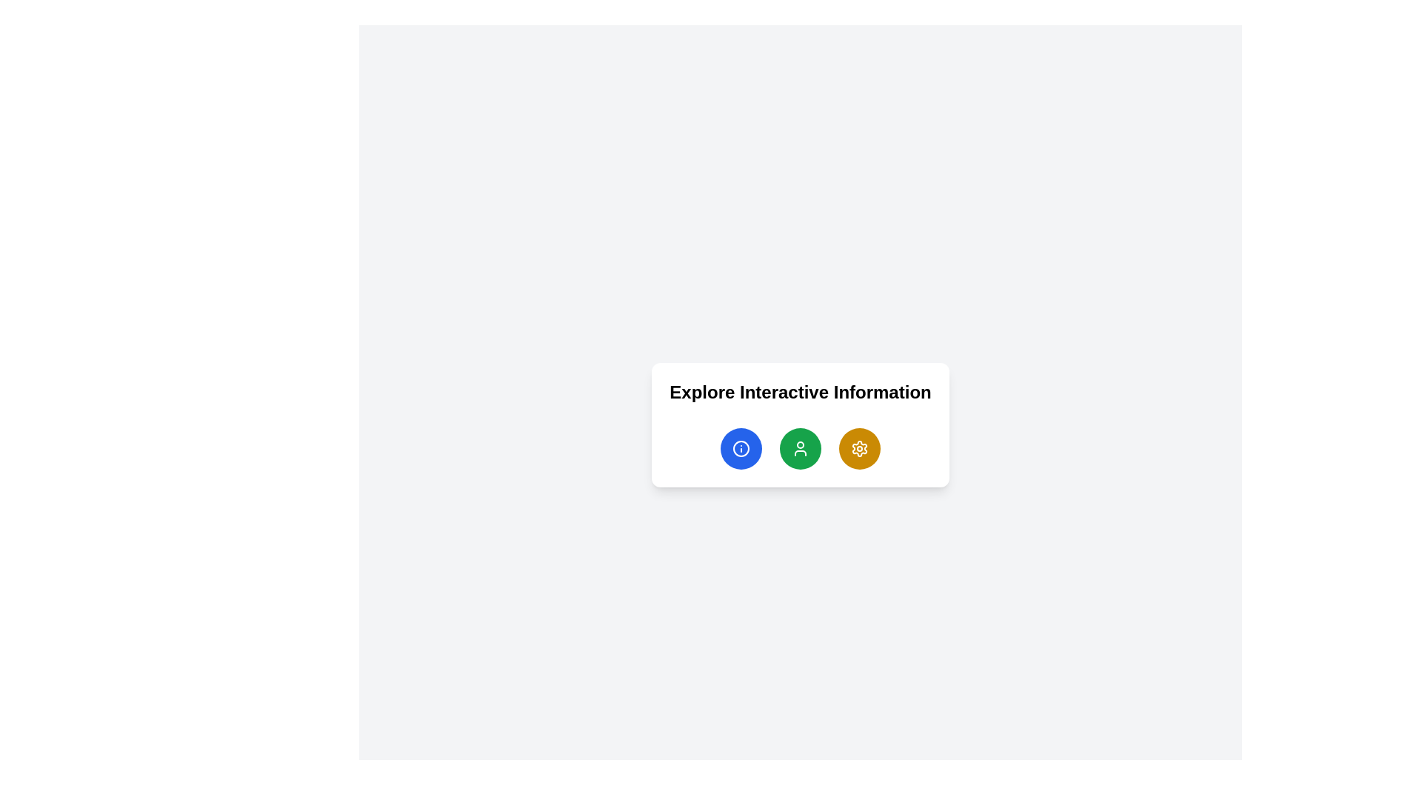 Image resolution: width=1422 pixels, height=800 pixels. I want to click on the rightmost gear-shaped icon, used to signify settings or configurations, so click(860, 447).